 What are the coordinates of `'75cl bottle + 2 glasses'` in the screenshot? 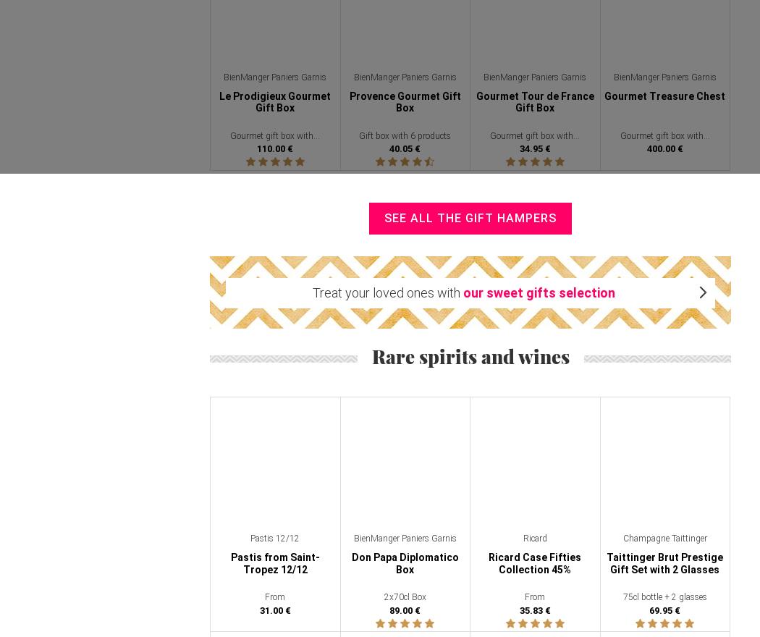 It's located at (622, 596).